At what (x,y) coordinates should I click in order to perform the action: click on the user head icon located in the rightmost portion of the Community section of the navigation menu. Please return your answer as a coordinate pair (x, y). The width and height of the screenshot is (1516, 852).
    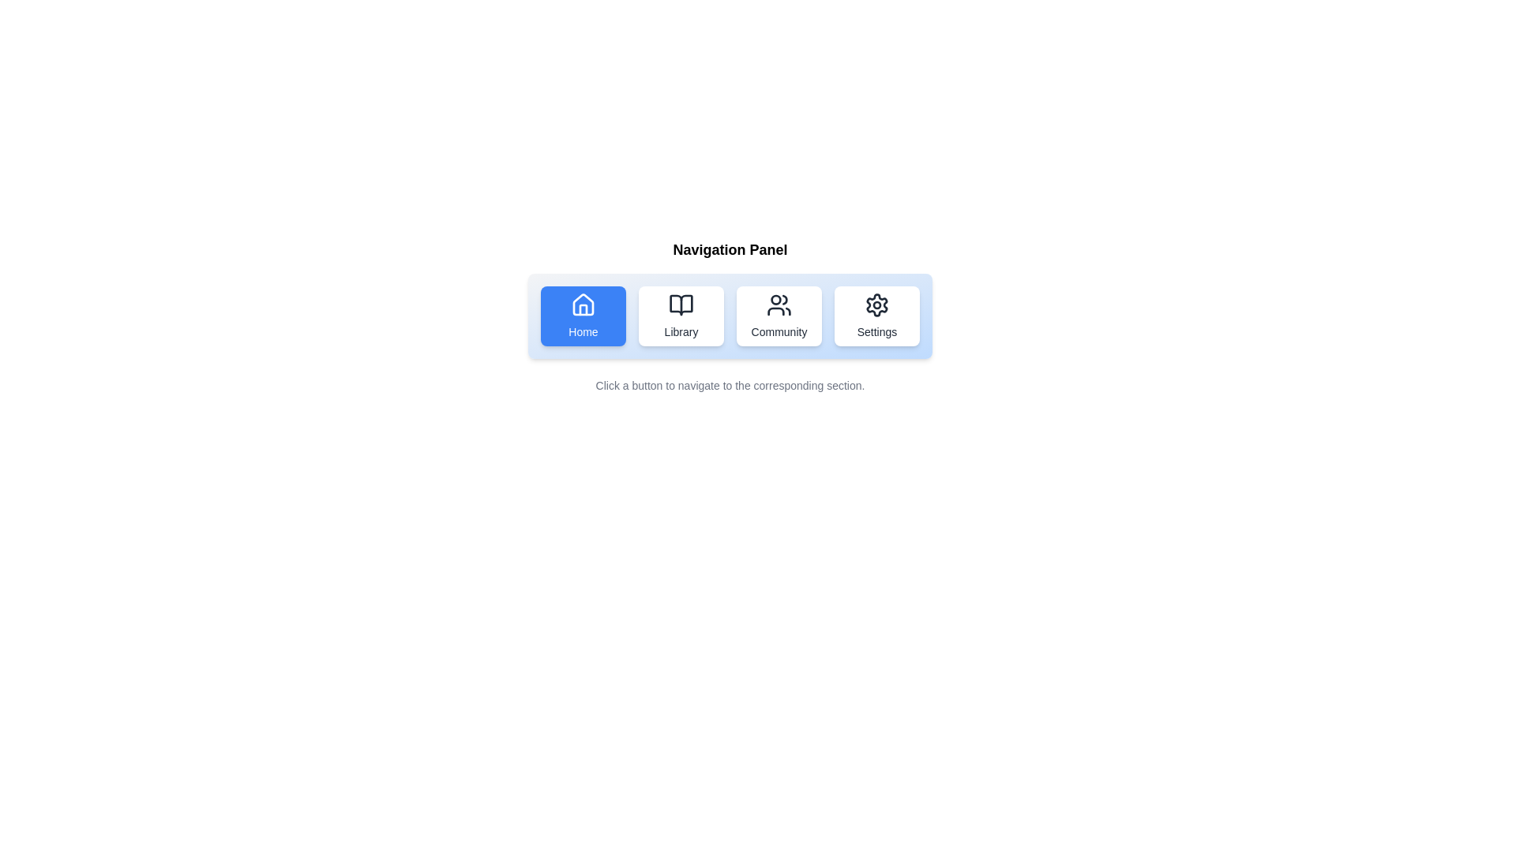
    Looking at the image, I should click on (785, 300).